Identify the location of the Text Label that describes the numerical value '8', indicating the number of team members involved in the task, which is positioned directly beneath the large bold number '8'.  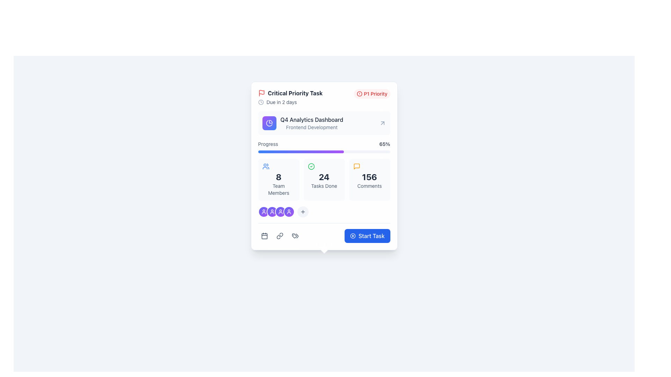
(278, 190).